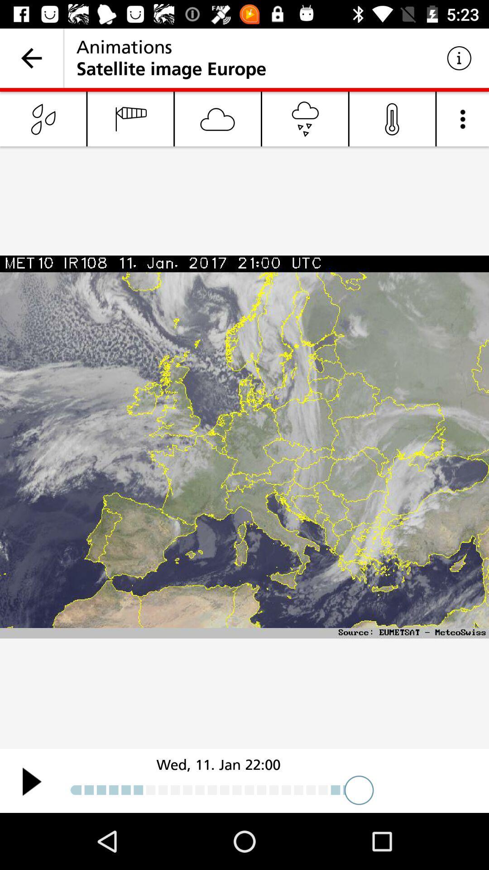 This screenshot has height=870, width=489. What do you see at coordinates (392, 118) in the screenshot?
I see `the microphone icon` at bounding box center [392, 118].